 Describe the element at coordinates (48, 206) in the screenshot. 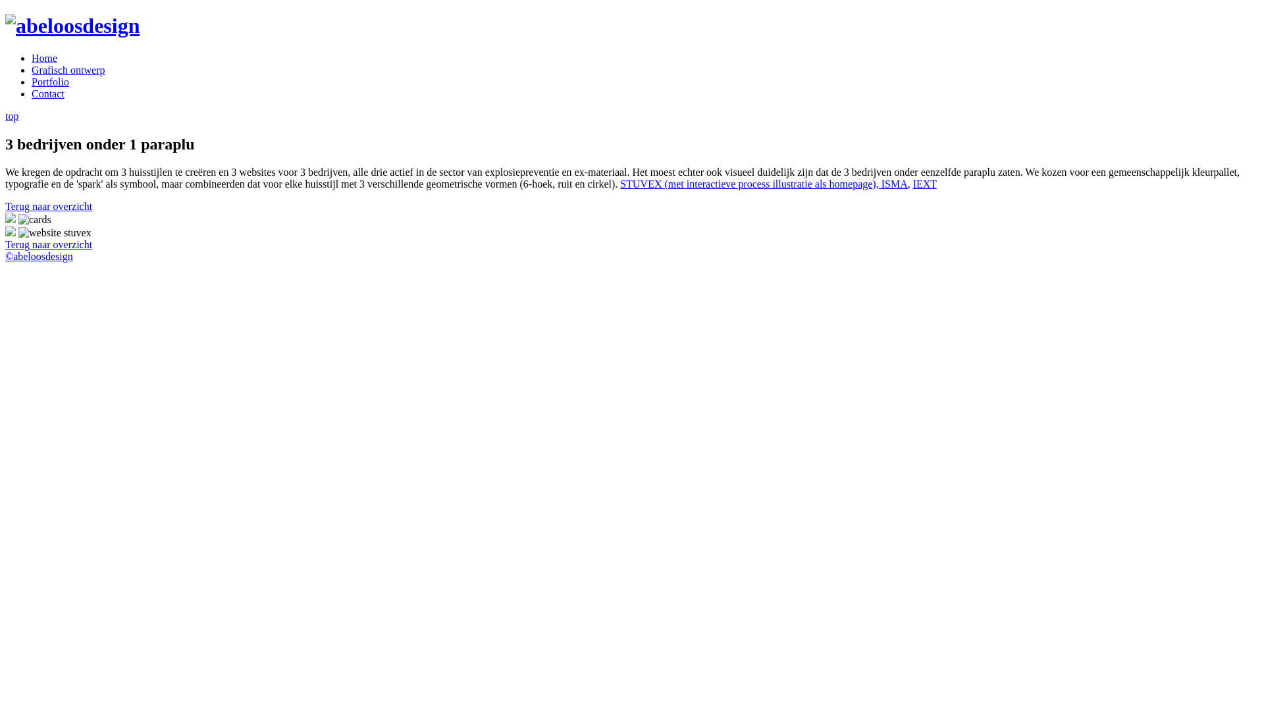

I see `'Terug naar overzicht'` at that location.